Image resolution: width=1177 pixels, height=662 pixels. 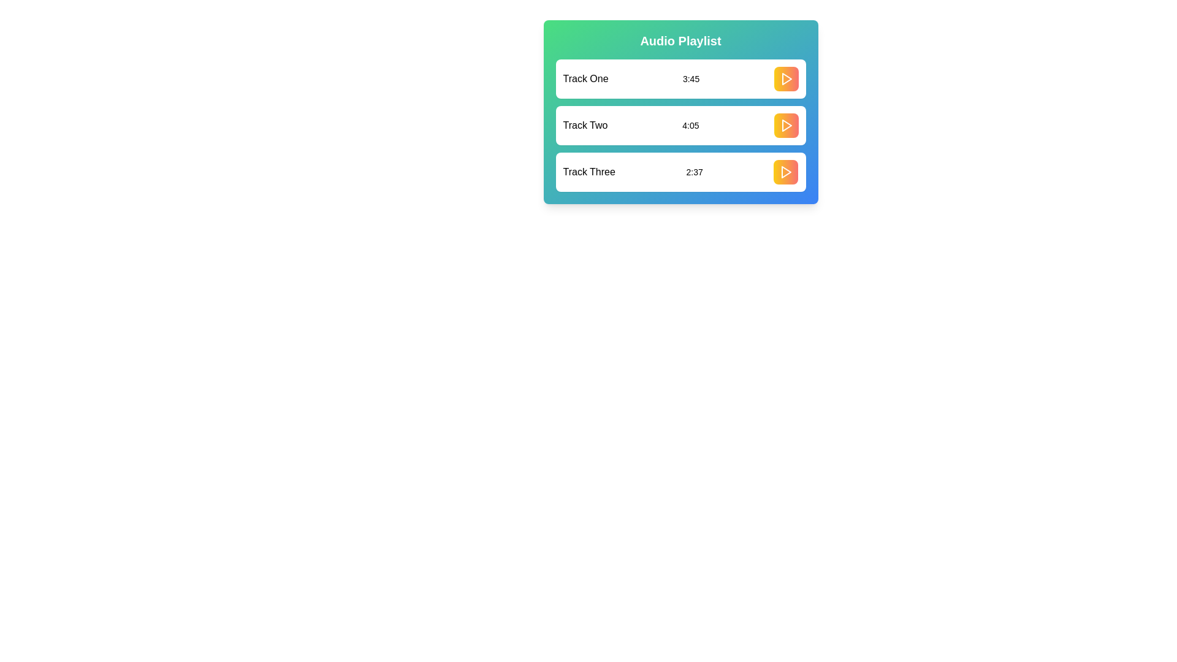 What do you see at coordinates (786, 125) in the screenshot?
I see `the play button located within the second track entry of the tracklist to initiate playback of the associated audio track` at bounding box center [786, 125].